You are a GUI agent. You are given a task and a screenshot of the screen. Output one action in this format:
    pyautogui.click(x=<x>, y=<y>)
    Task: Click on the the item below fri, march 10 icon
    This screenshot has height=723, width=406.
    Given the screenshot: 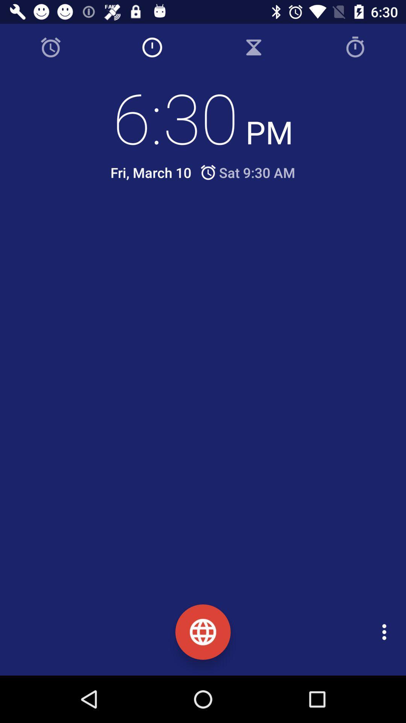 What is the action you would take?
    pyautogui.click(x=209, y=225)
    